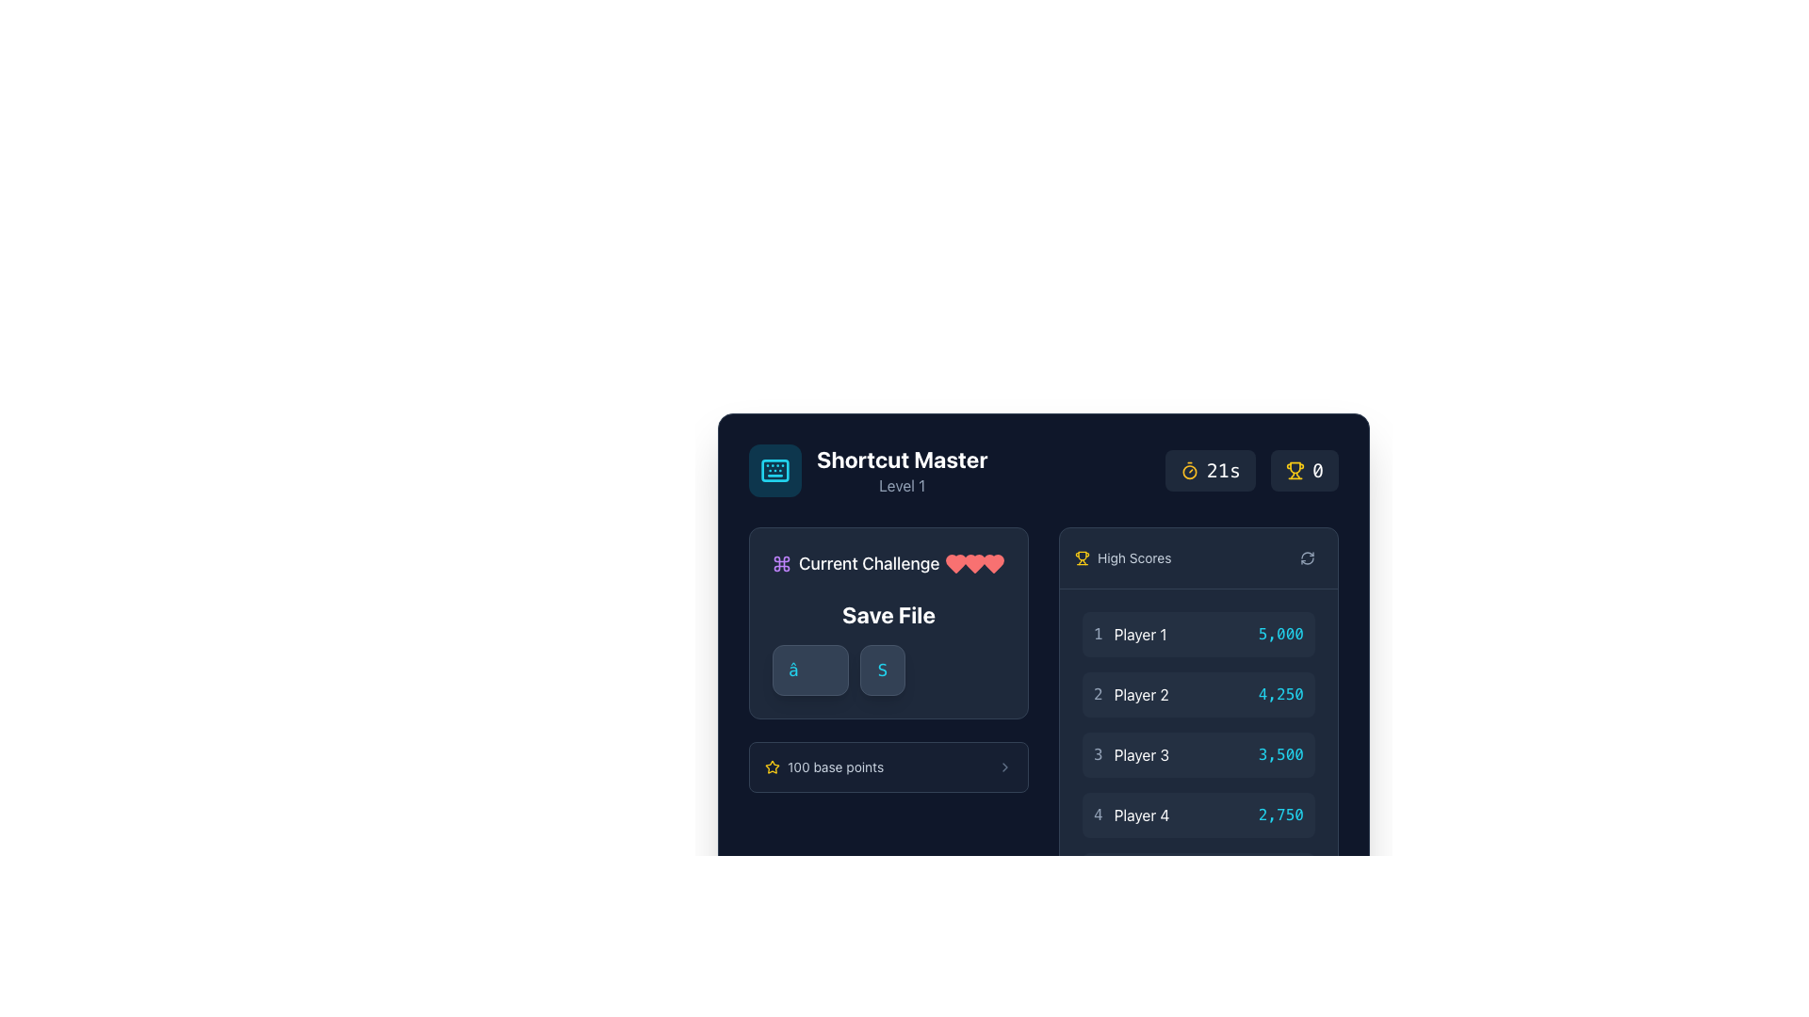 This screenshot has width=1809, height=1017. I want to click on the group of heart icons displaying the remaining lives or attempts for the current challenge, located in the top center of the left card labeled 'Current Challenge', so click(975, 562).